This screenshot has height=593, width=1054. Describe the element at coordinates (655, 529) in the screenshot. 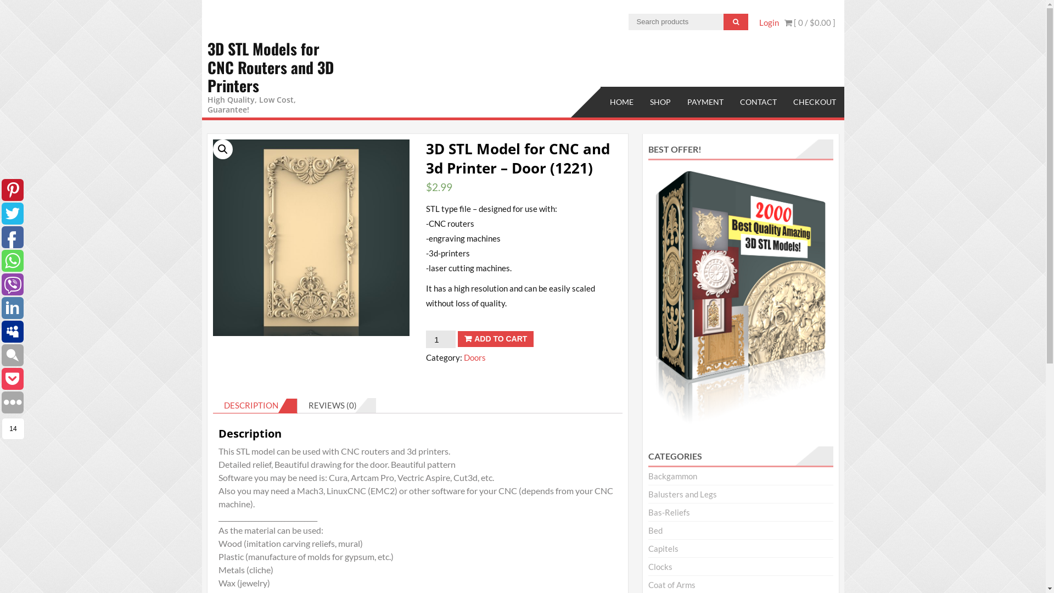

I see `'Bed'` at that location.